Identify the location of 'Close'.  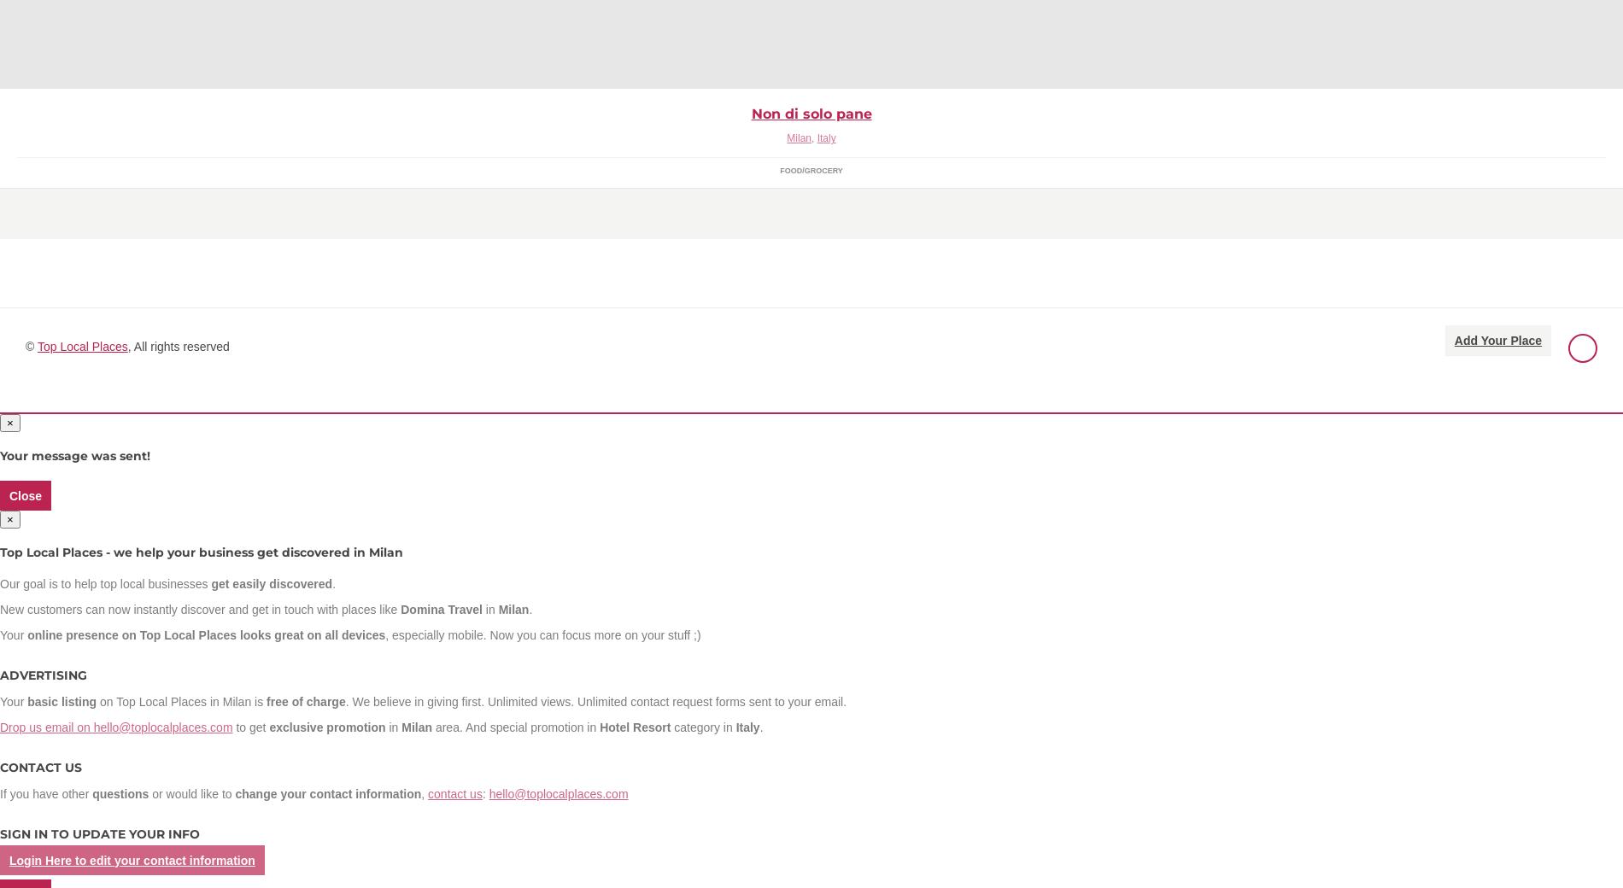
(26, 494).